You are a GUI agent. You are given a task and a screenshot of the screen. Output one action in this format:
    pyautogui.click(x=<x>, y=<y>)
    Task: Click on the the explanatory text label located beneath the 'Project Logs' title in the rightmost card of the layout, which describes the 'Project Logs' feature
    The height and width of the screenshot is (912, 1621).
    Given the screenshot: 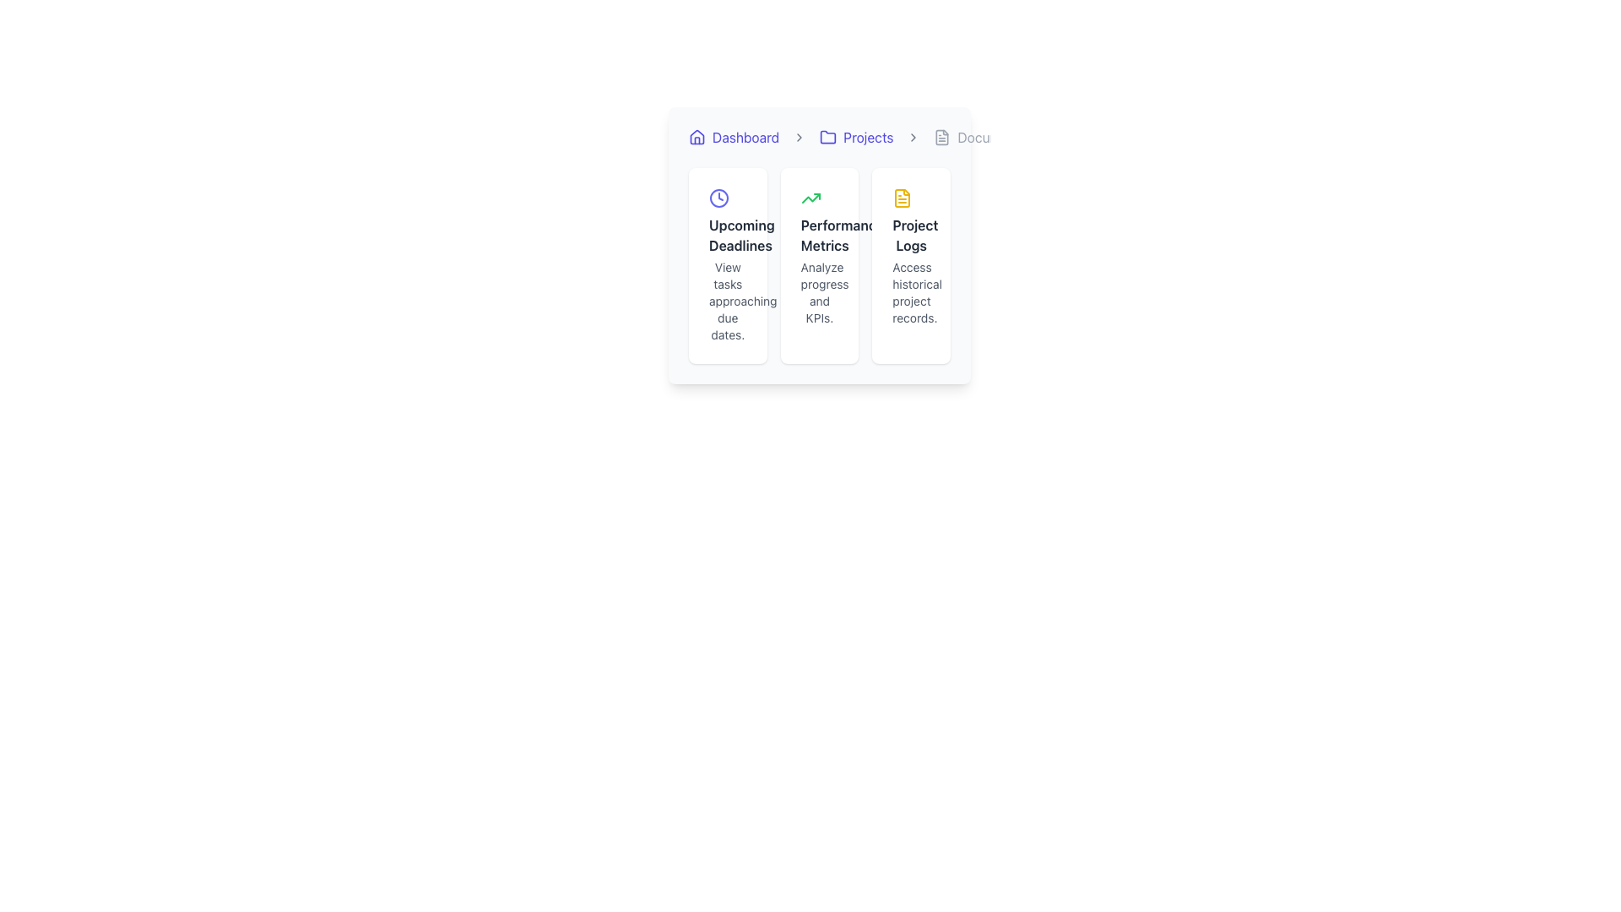 What is the action you would take?
    pyautogui.click(x=910, y=292)
    